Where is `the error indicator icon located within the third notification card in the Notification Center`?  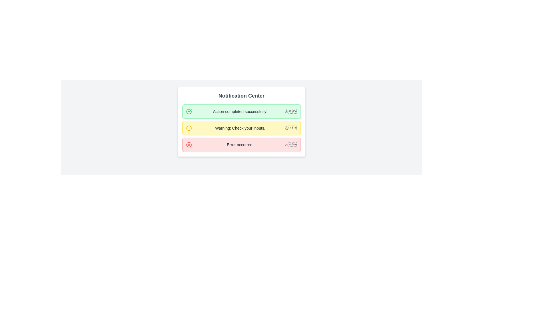
the error indicator icon located within the third notification card in the Notification Center is located at coordinates (189, 144).